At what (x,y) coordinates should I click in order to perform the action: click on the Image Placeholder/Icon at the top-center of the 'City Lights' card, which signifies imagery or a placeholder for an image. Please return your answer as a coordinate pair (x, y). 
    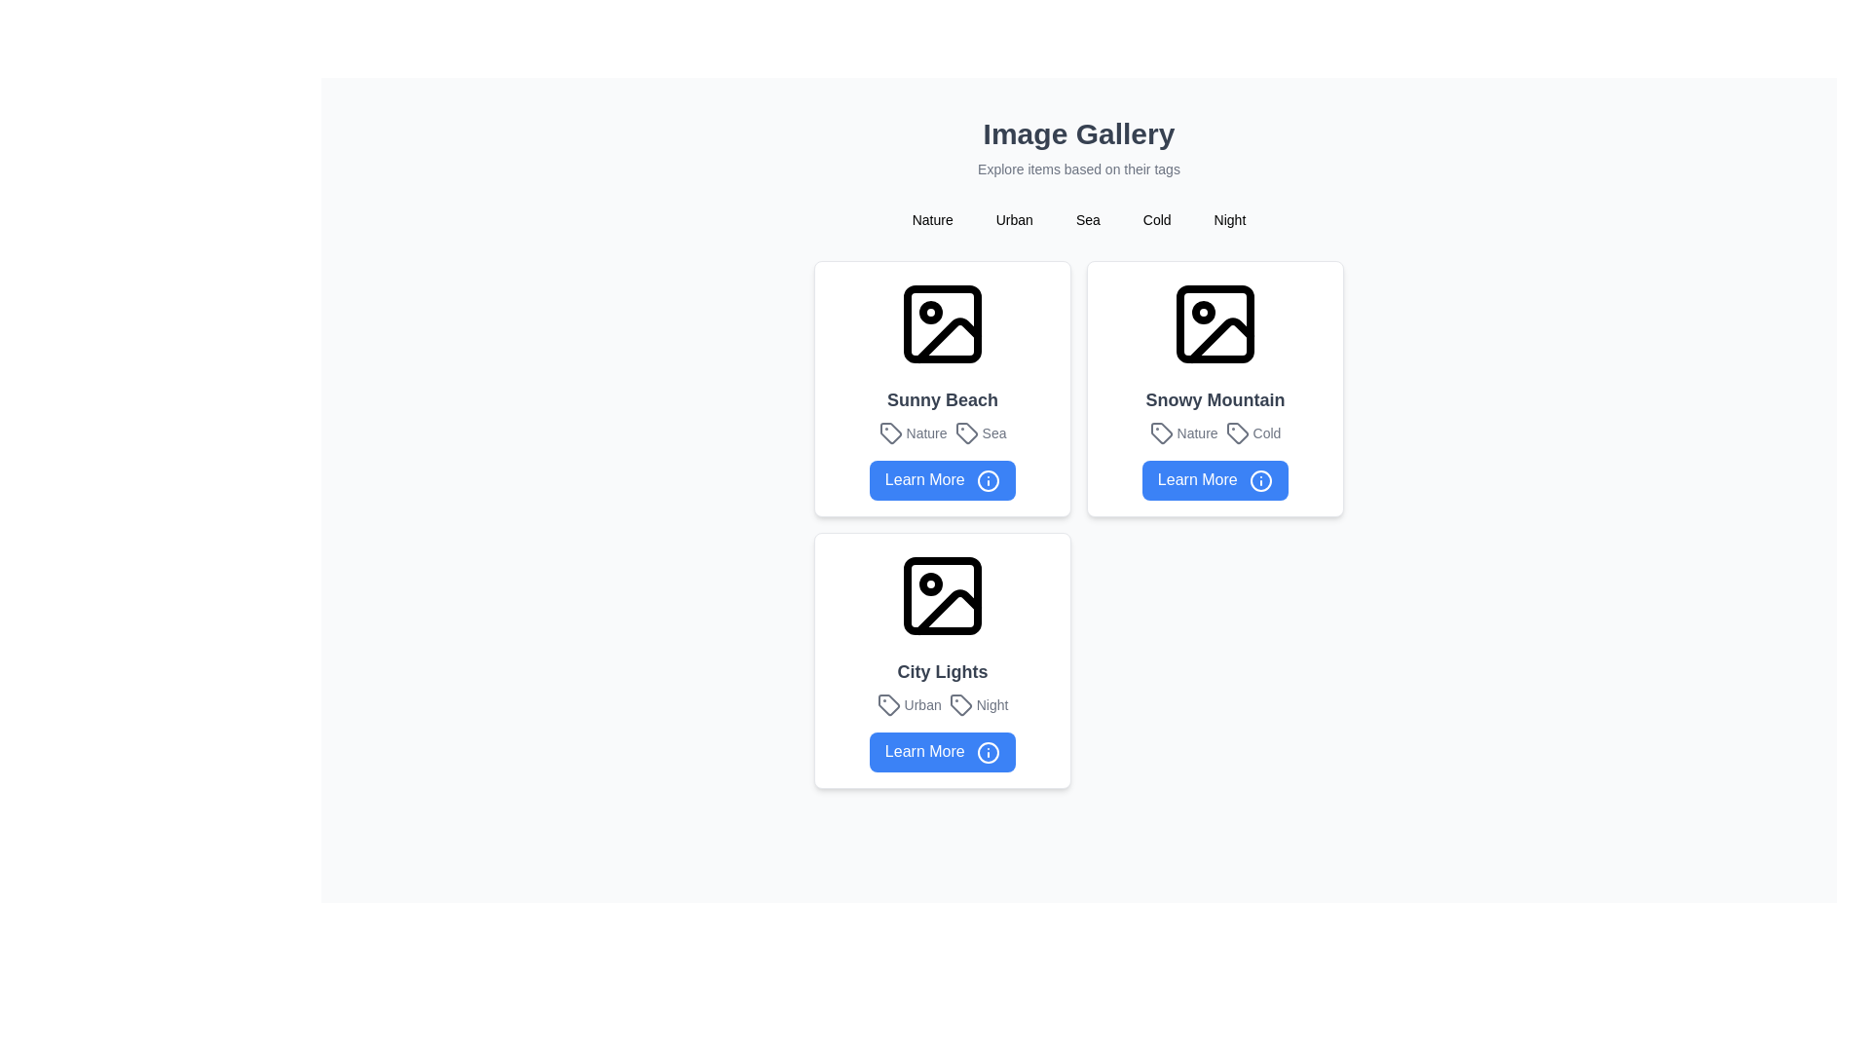
    Looking at the image, I should click on (943, 593).